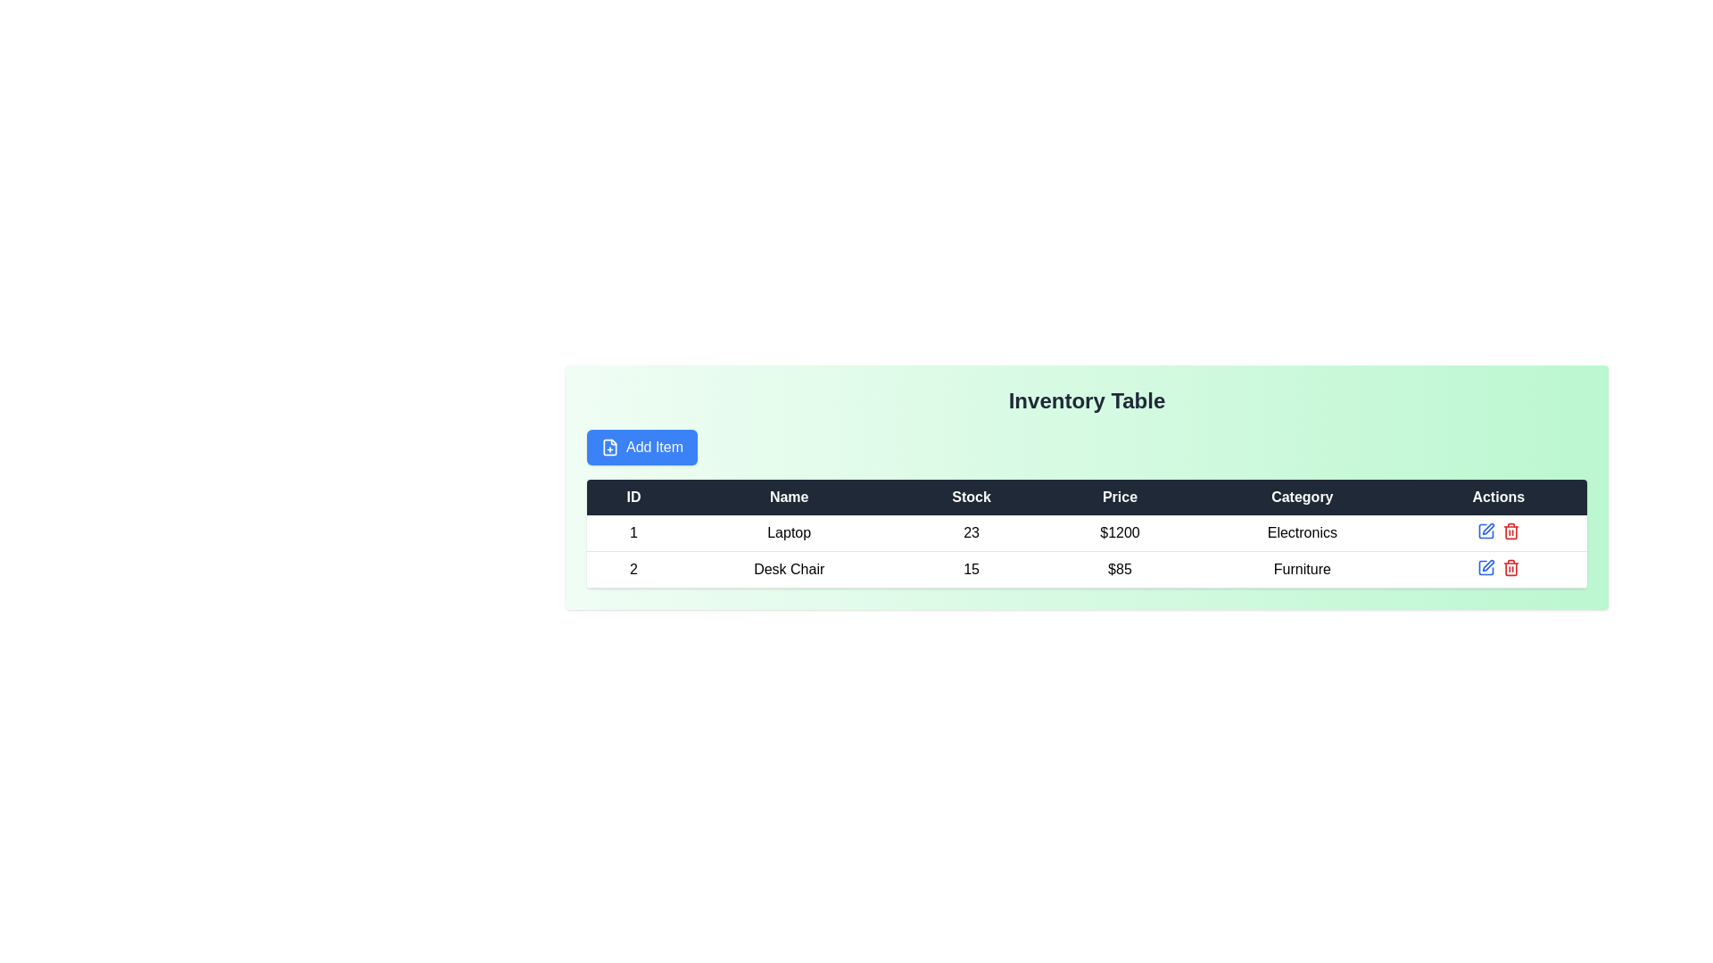 This screenshot has width=1713, height=963. What do you see at coordinates (971, 570) in the screenshot?
I see `stock count of the item 'Desk Chair' from the data cell located in the second row under the 'Stock' column of the inventory table` at bounding box center [971, 570].